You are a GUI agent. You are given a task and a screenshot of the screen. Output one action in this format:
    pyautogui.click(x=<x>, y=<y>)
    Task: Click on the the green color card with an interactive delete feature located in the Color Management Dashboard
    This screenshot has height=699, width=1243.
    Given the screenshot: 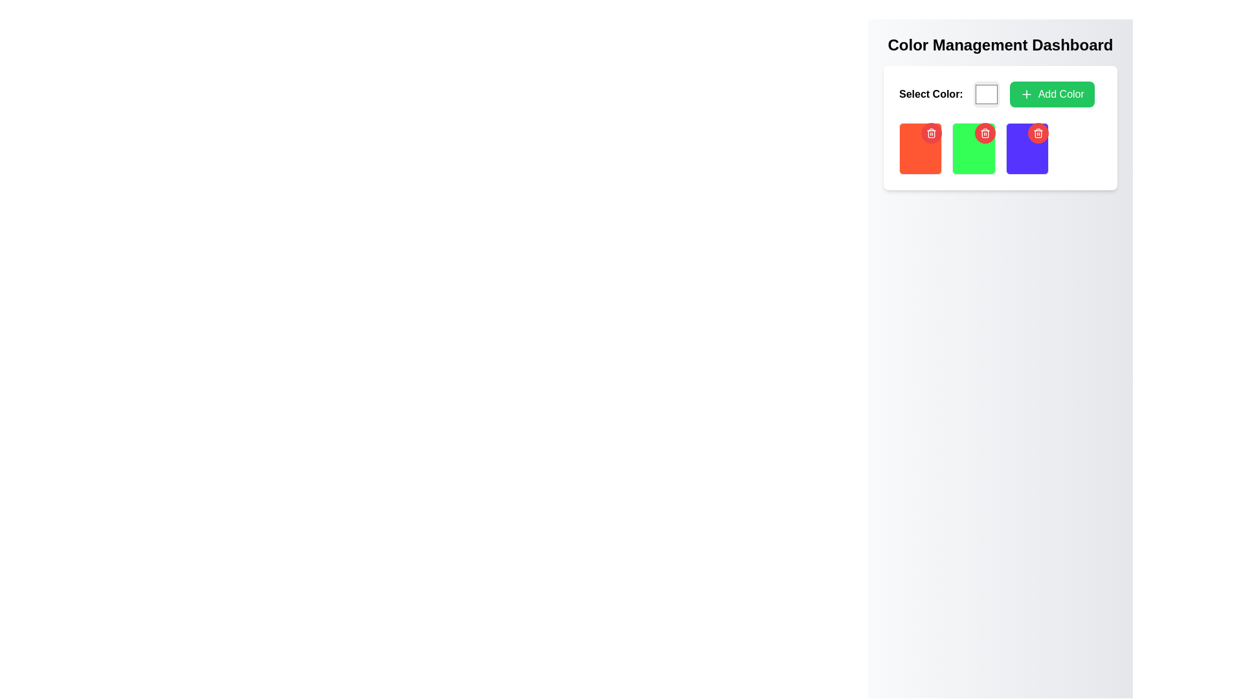 What is the action you would take?
    pyautogui.click(x=1000, y=128)
    